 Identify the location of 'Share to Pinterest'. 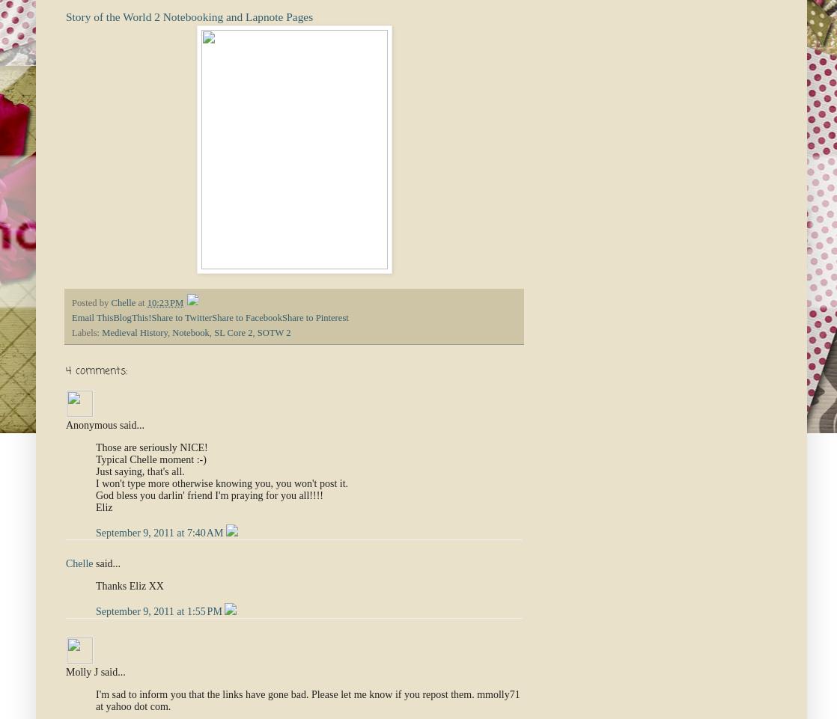
(280, 316).